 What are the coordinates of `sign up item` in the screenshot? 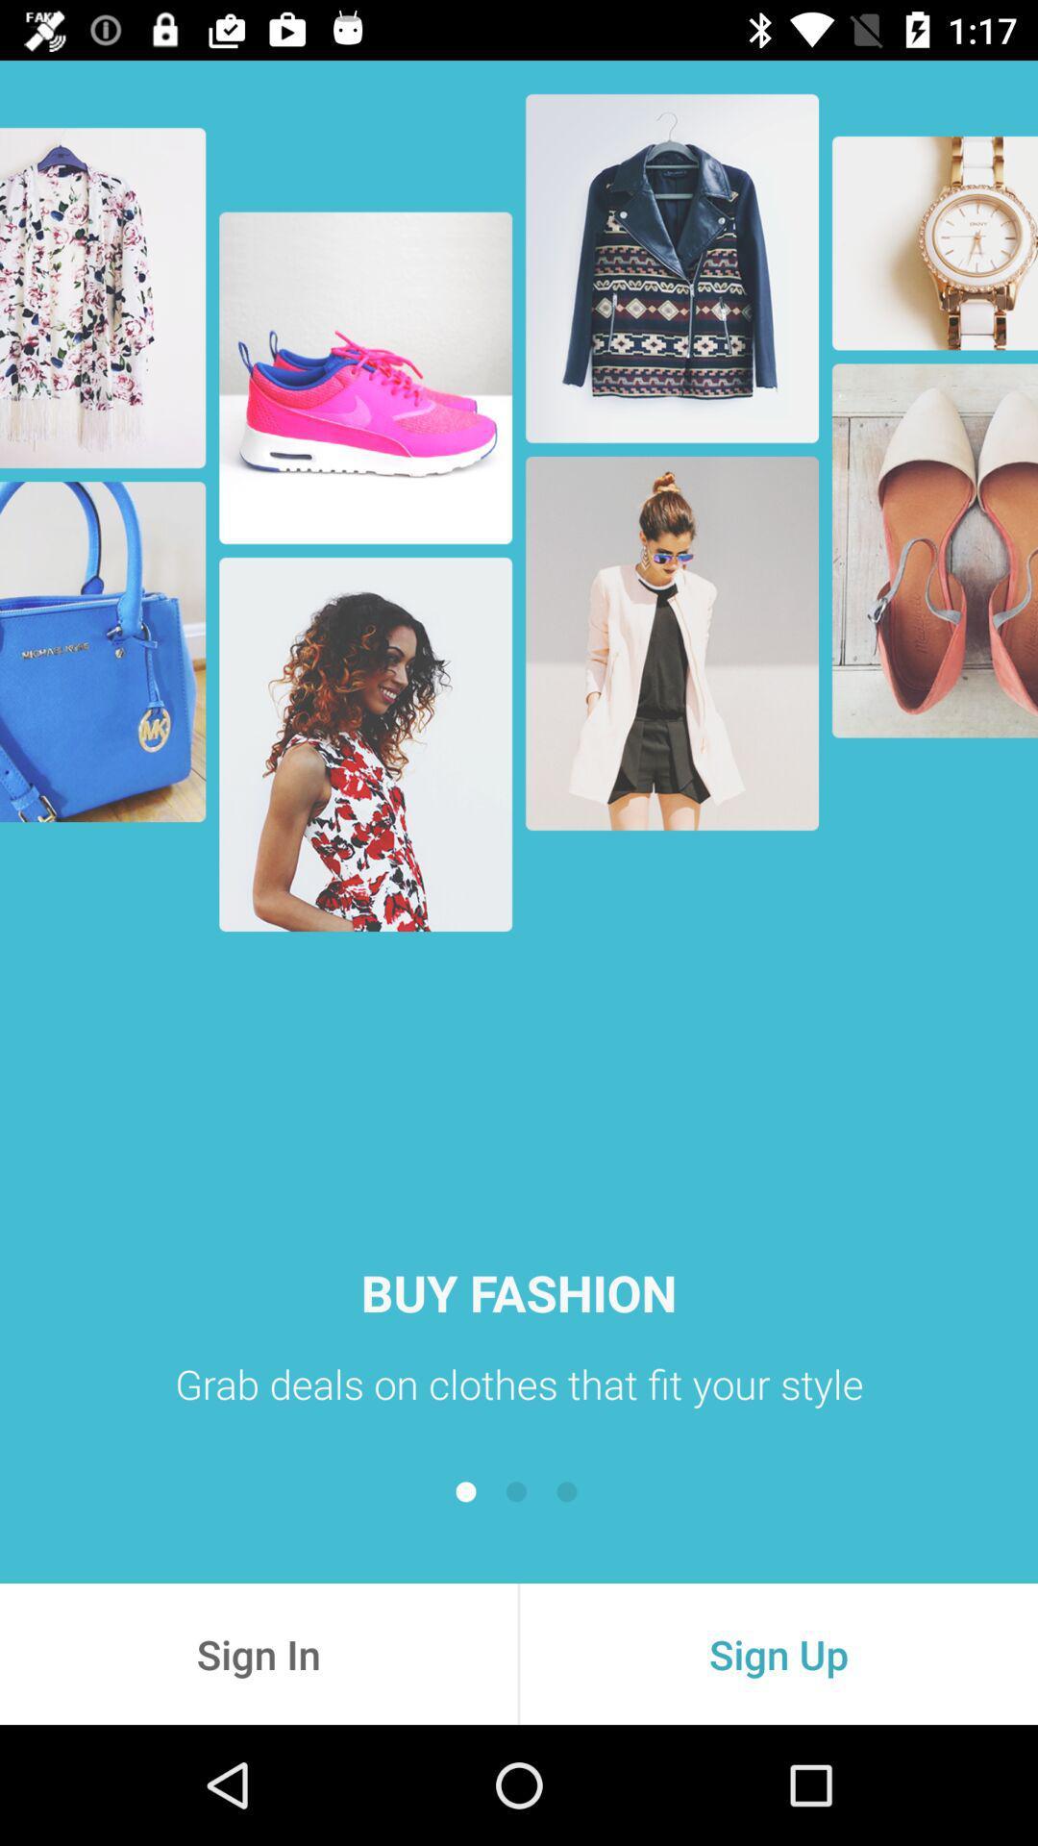 It's located at (778, 1653).